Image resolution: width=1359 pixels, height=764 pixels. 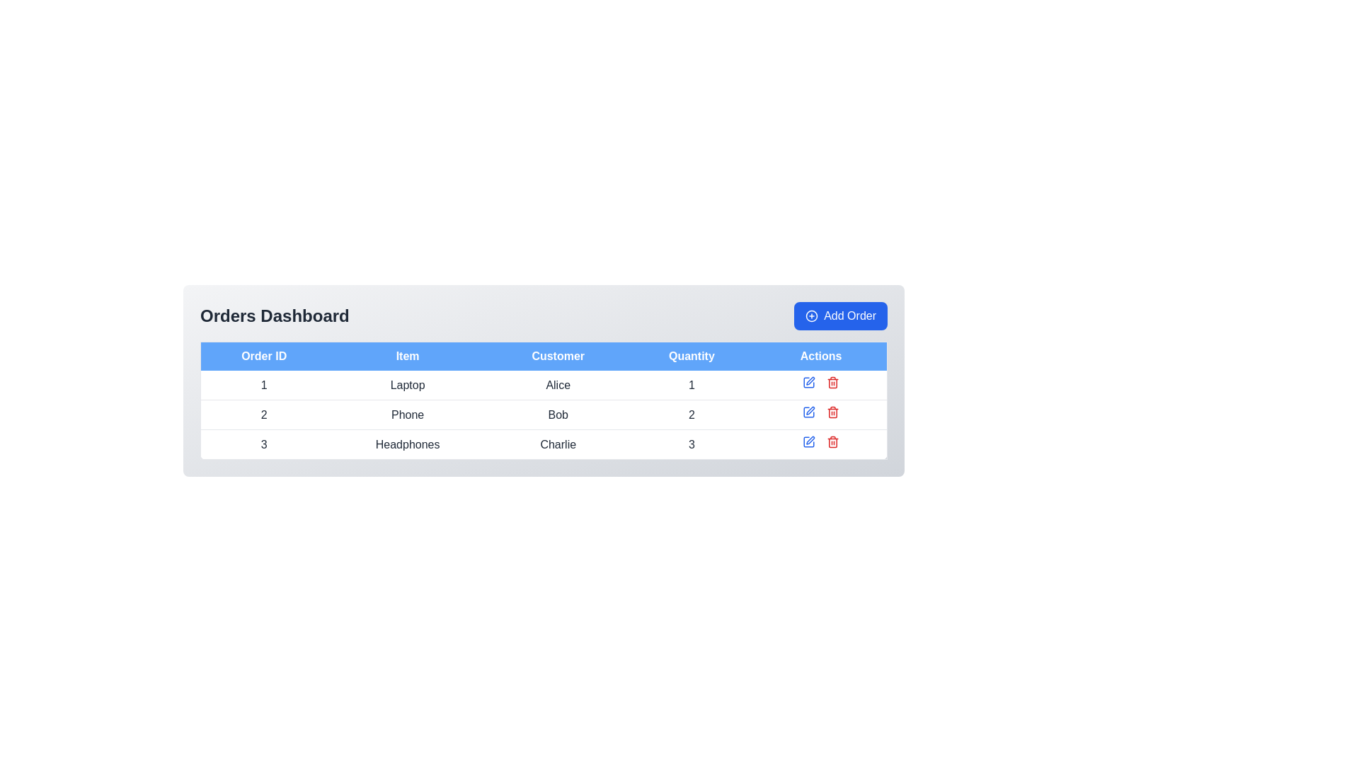 What do you see at coordinates (810, 410) in the screenshot?
I see `the edit button icon, which is a colorless vector graphic resembling a pen or pencil, located in the 'Actions' column on the rightmost side of the table row` at bounding box center [810, 410].